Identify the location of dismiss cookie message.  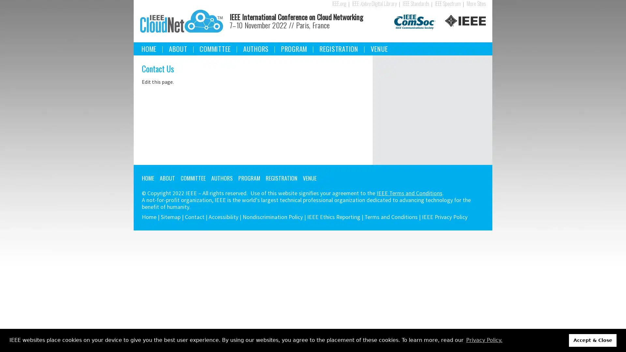
(593, 340).